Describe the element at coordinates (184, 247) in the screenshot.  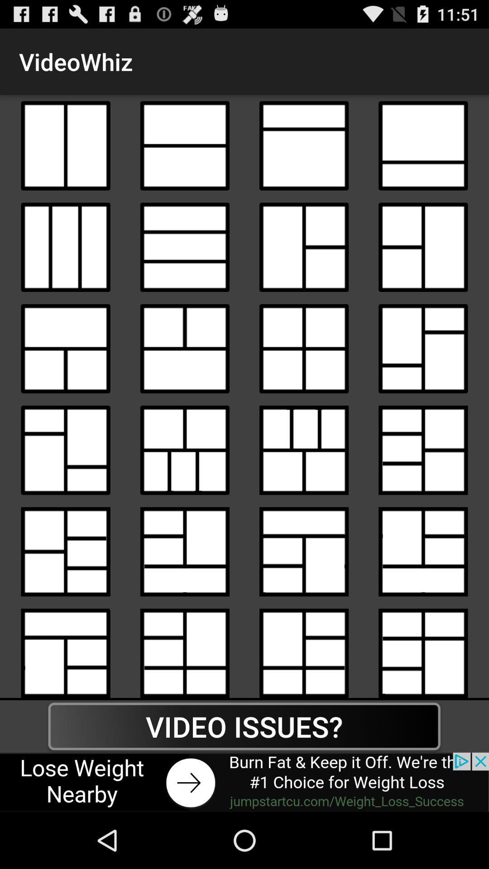
I see `photo editor` at that location.